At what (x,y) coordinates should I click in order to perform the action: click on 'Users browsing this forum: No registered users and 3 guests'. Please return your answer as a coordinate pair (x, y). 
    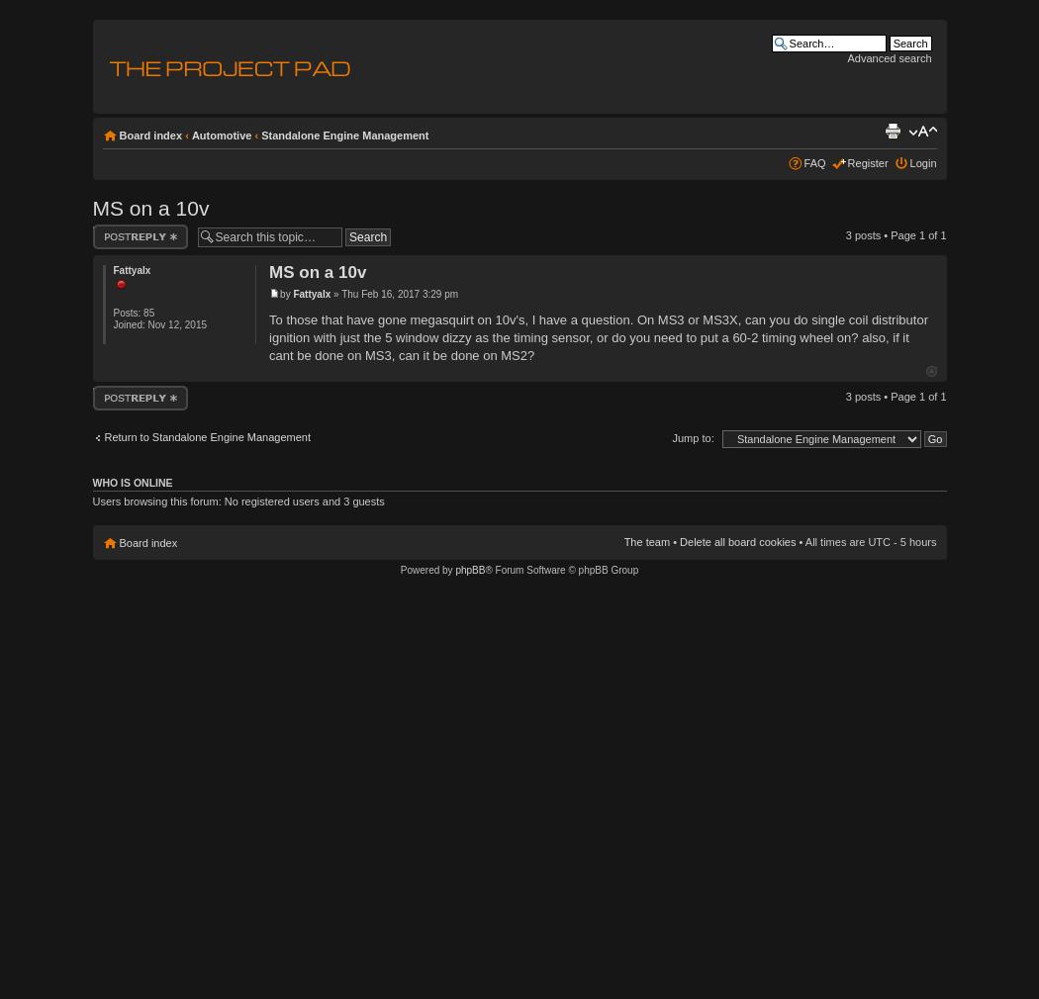
    Looking at the image, I should click on (237, 500).